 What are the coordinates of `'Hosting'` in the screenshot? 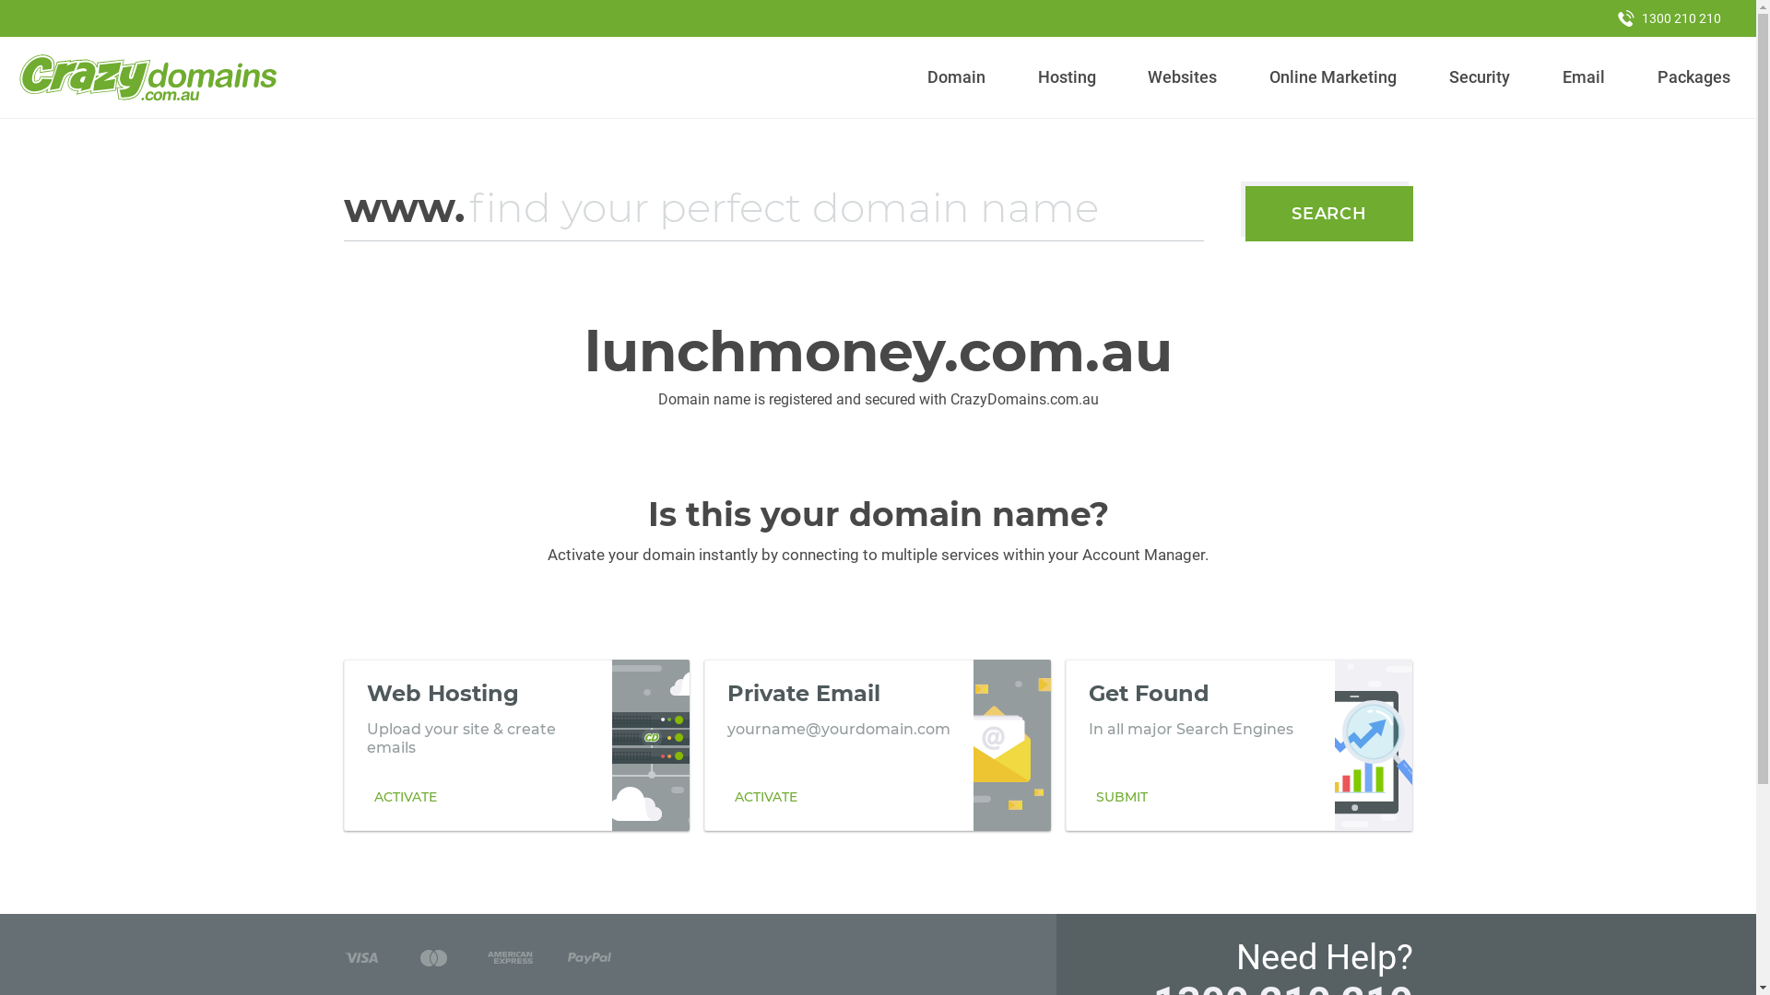 It's located at (1066, 76).